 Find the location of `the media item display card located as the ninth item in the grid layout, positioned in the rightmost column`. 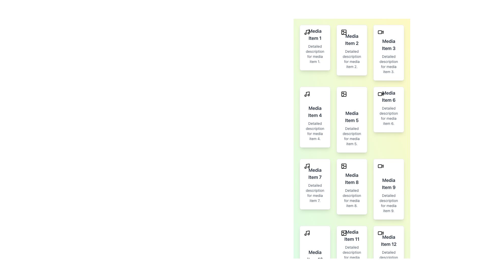

the media item display card located as the ninth item in the grid layout, positioned in the rightmost column is located at coordinates (388, 189).